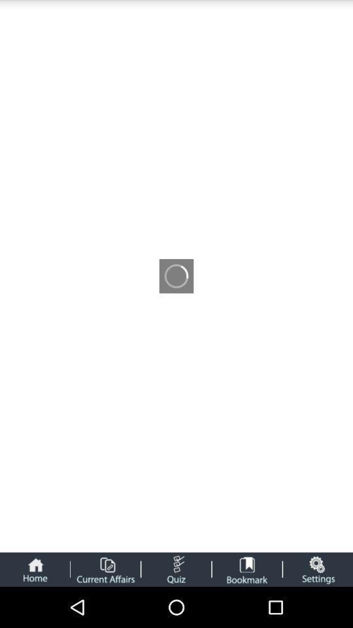  Describe the element at coordinates (247, 568) in the screenshot. I see `bookmarks` at that location.